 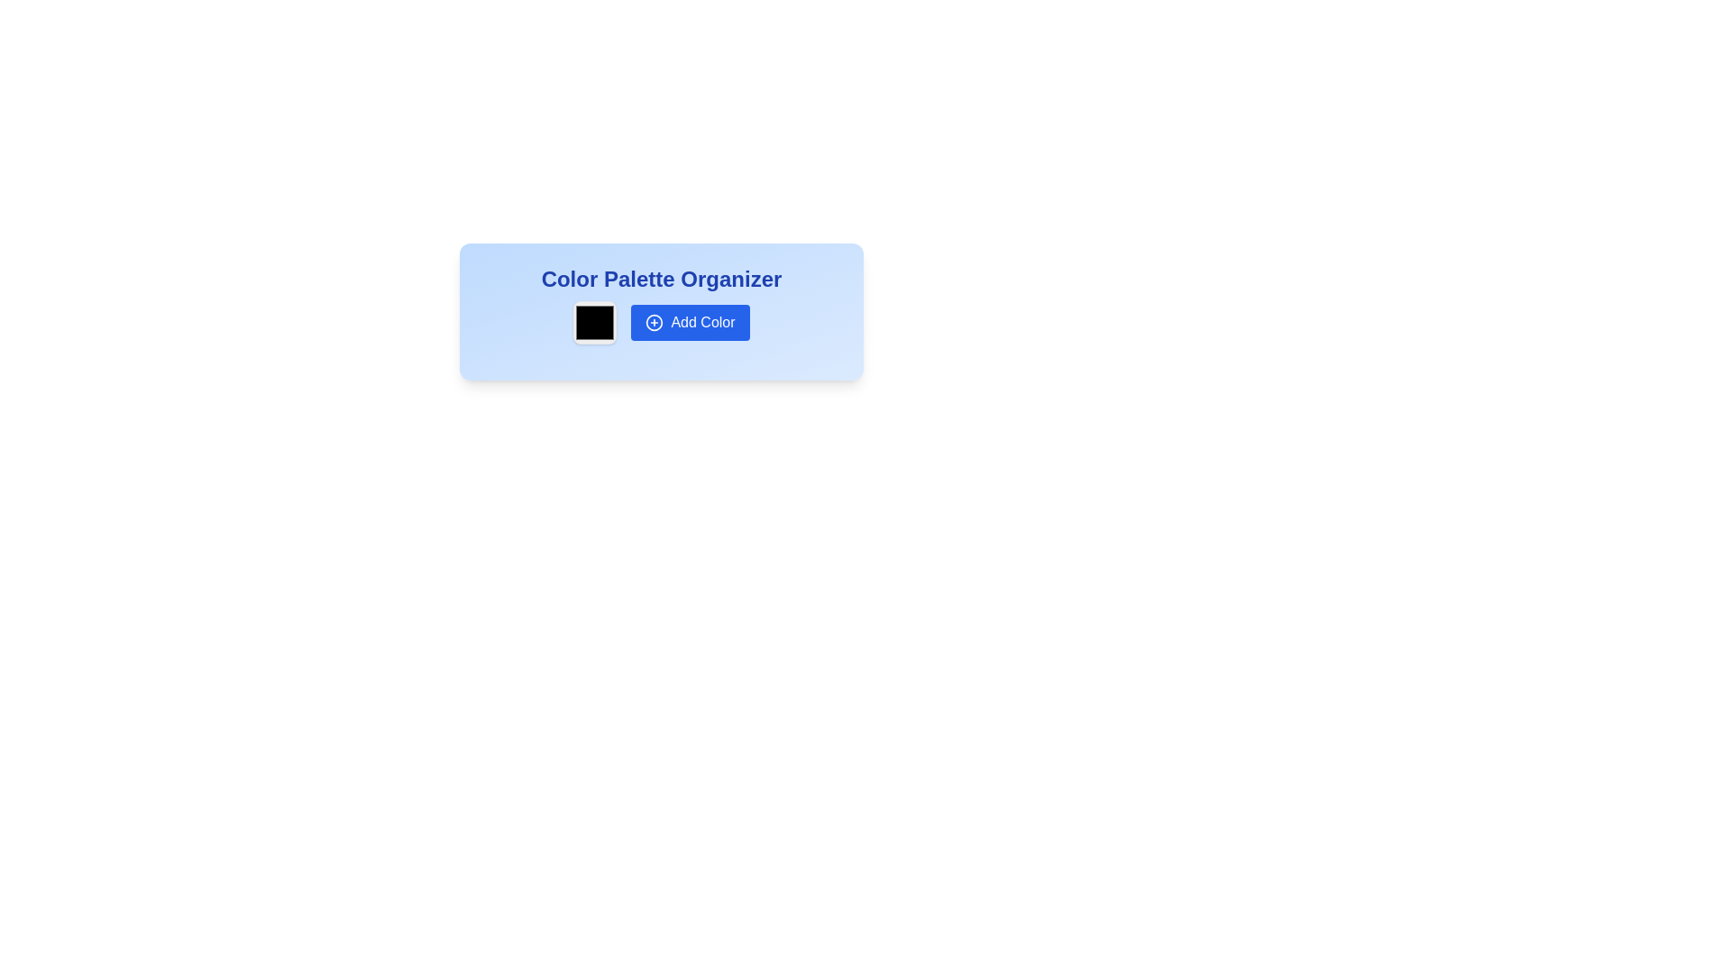 I want to click on the first color swatch element, which displays the color black, so click(x=595, y=322).